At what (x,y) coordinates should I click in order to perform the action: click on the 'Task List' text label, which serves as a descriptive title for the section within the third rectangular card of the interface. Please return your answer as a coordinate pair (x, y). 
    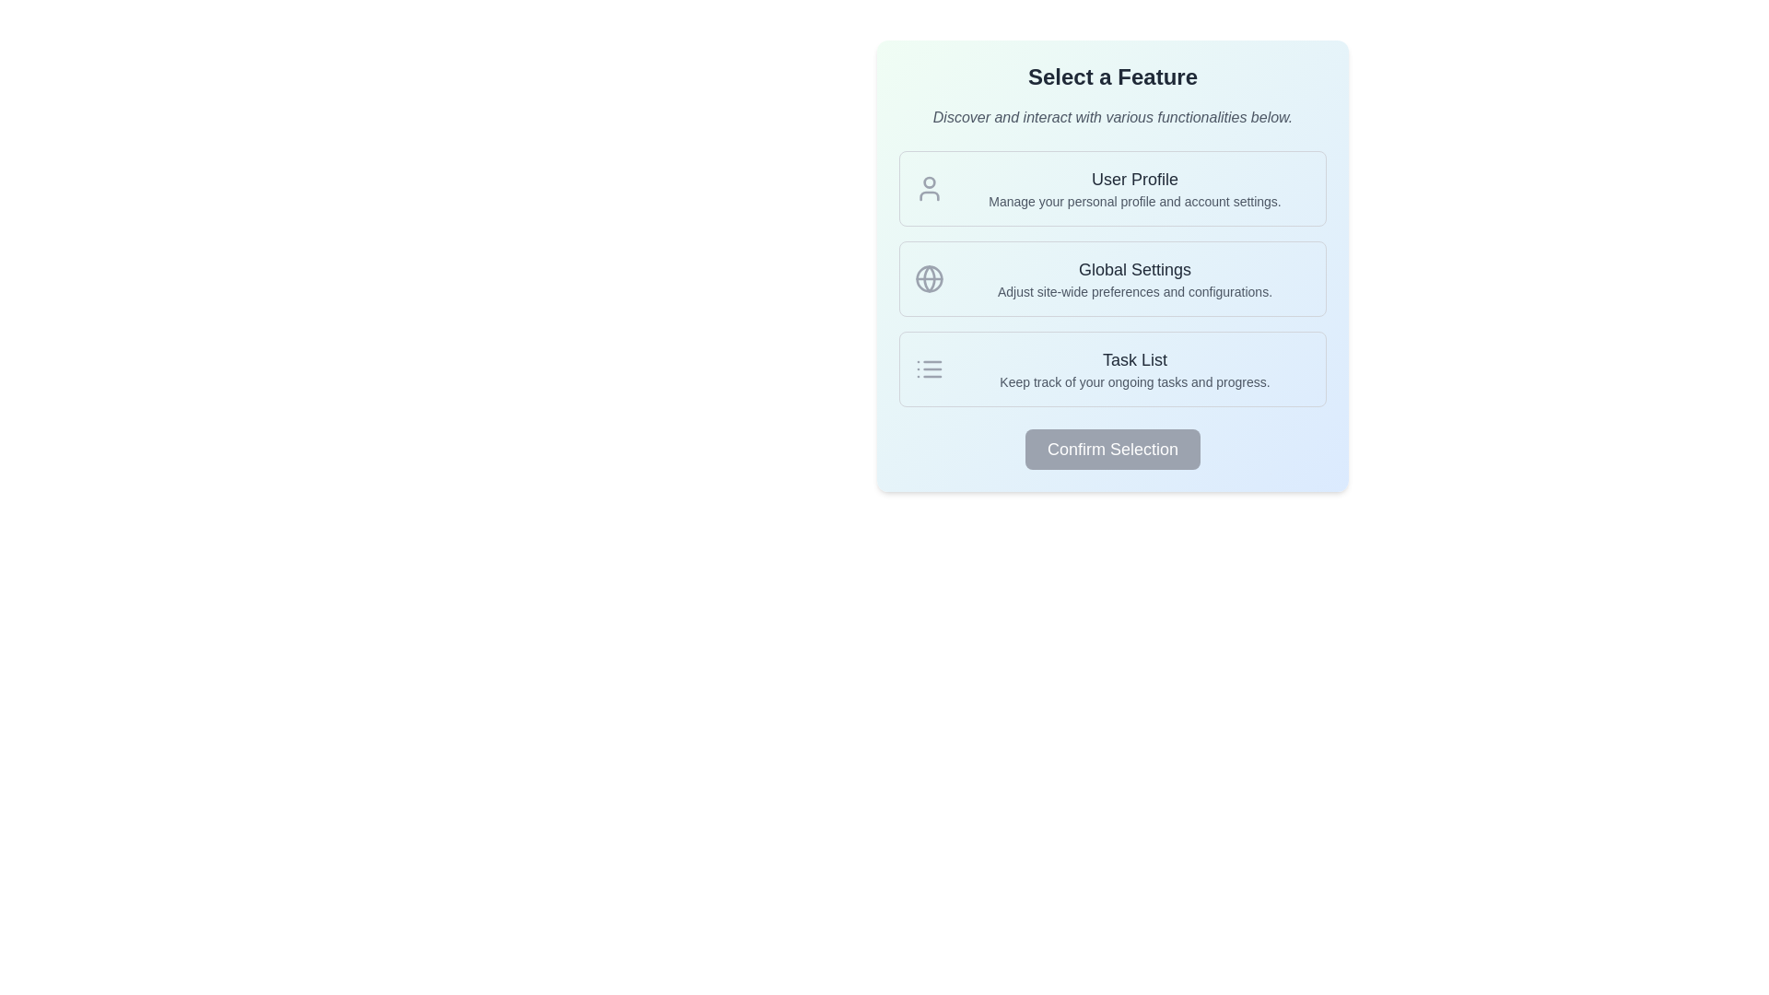
    Looking at the image, I should click on (1134, 359).